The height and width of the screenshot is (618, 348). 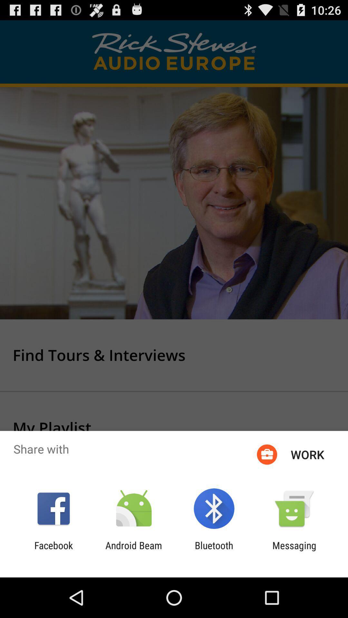 I want to click on the messaging, so click(x=294, y=551).